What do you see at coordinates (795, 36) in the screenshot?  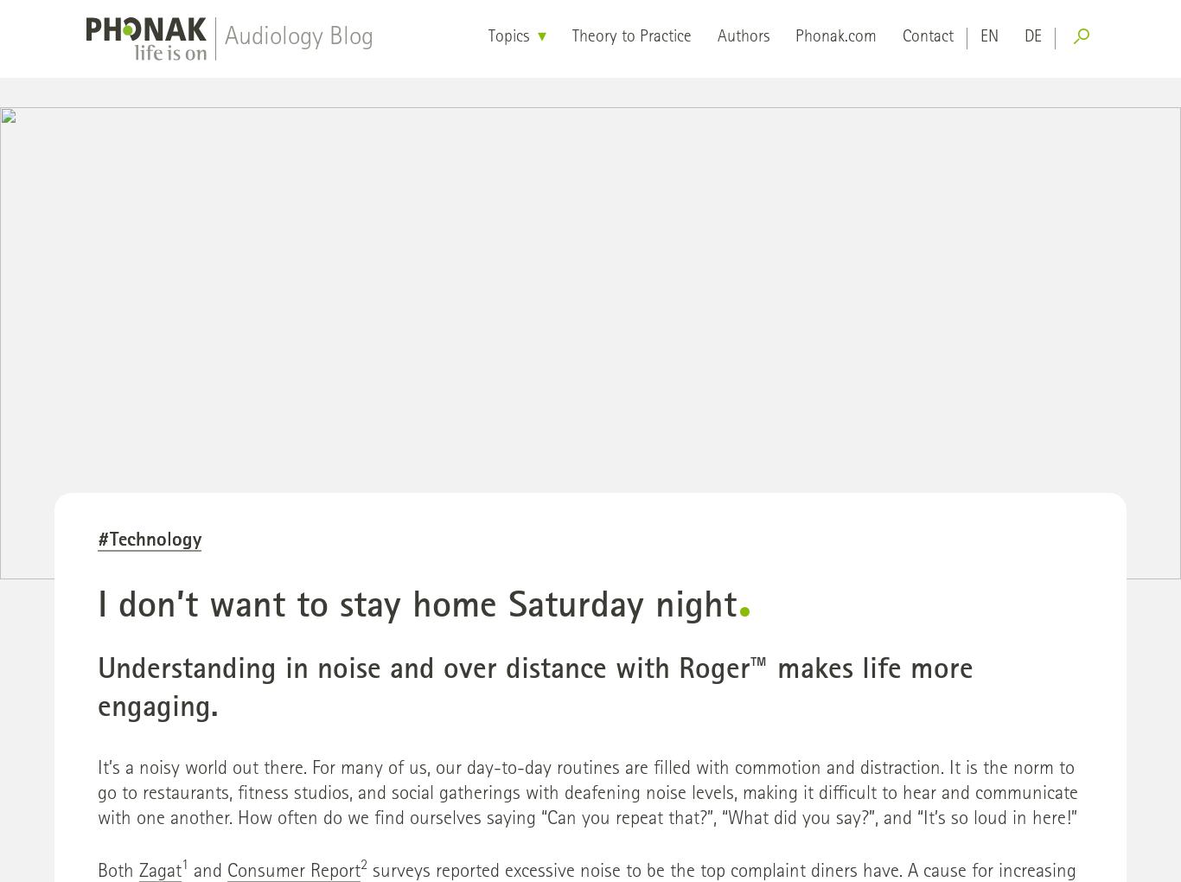 I see `'Phonak.com'` at bounding box center [795, 36].